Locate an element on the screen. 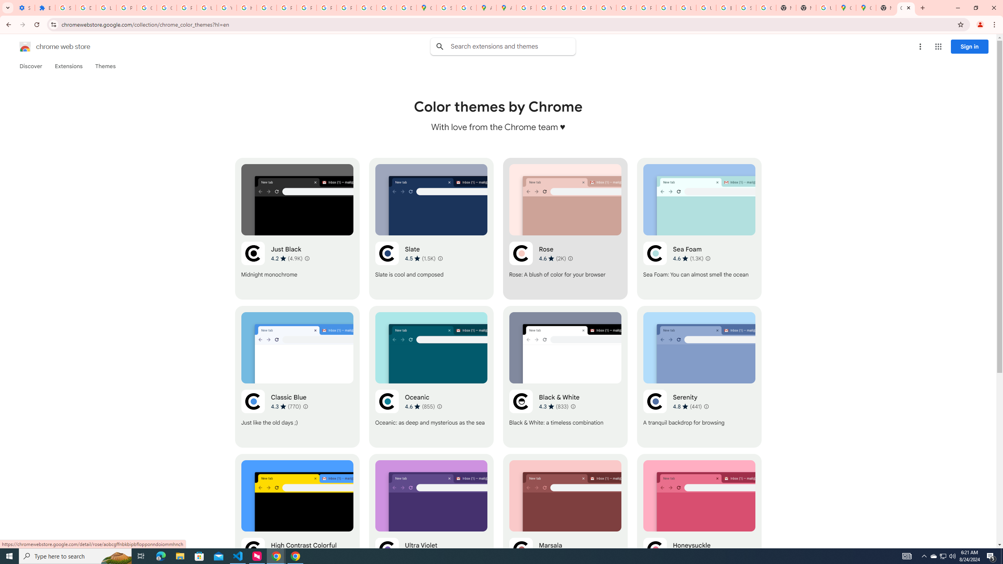 The width and height of the screenshot is (1003, 564). 'Sign in - Google Accounts' is located at coordinates (65, 7).